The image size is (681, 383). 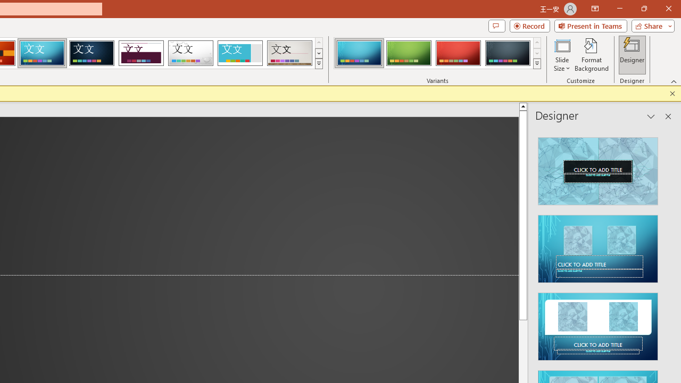 What do you see at coordinates (190, 53) in the screenshot?
I see `'Droplet'` at bounding box center [190, 53].